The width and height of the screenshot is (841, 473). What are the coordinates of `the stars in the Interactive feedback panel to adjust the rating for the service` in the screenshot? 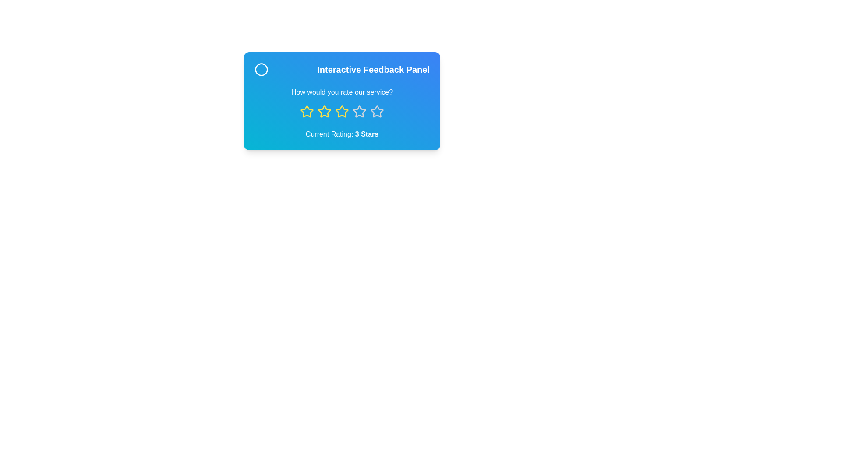 It's located at (342, 101).